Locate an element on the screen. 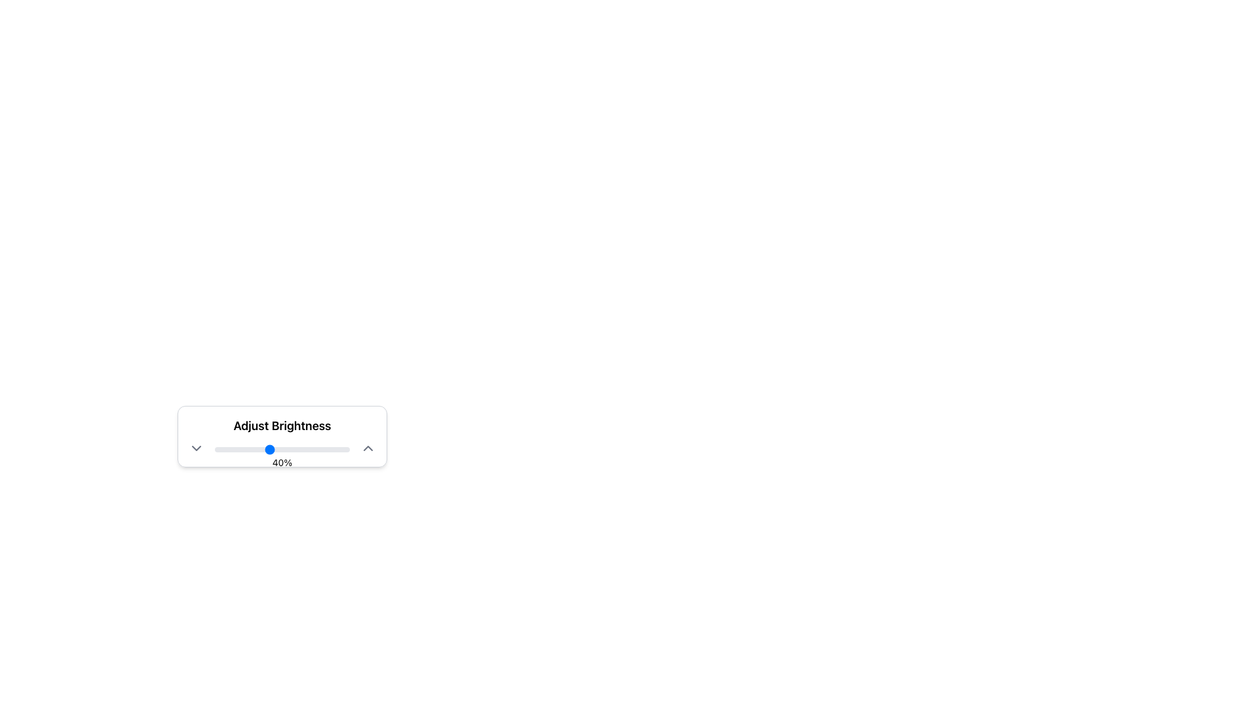  the brightness is located at coordinates (238, 448).